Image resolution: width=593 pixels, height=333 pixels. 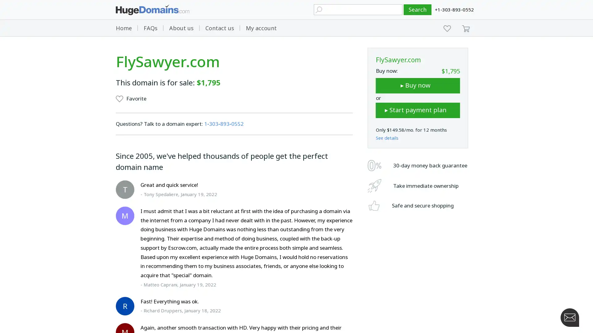 What do you see at coordinates (418, 10) in the screenshot?
I see `Search` at bounding box center [418, 10].